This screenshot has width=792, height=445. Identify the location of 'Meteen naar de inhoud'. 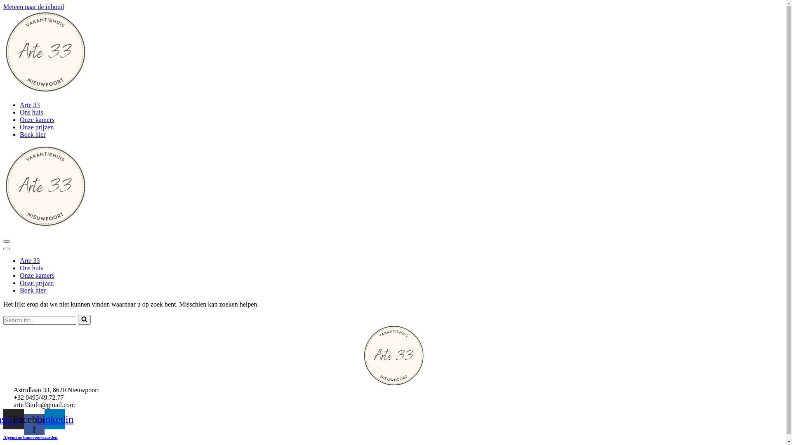
(33, 7).